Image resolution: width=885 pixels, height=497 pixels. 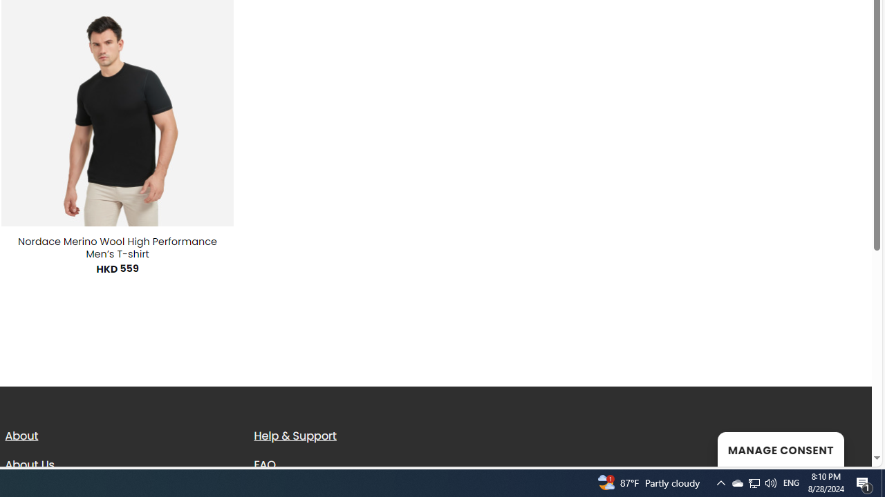 What do you see at coordinates (843, 447) in the screenshot?
I see `'Go to top'` at bounding box center [843, 447].